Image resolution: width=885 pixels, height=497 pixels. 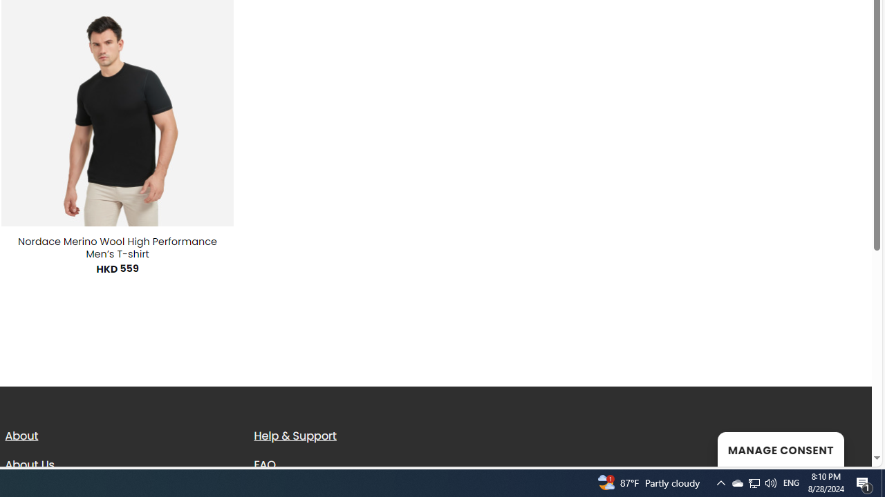 What do you see at coordinates (843, 447) in the screenshot?
I see `'Go to top'` at bounding box center [843, 447].